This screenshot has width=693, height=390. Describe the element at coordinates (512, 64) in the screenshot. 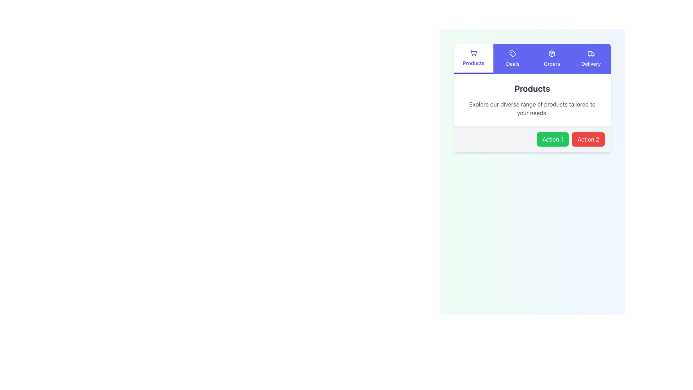

I see `the 'Deals' text label in the header section of the user interface, which is styled with a medium-sized font and has a purple background` at that location.